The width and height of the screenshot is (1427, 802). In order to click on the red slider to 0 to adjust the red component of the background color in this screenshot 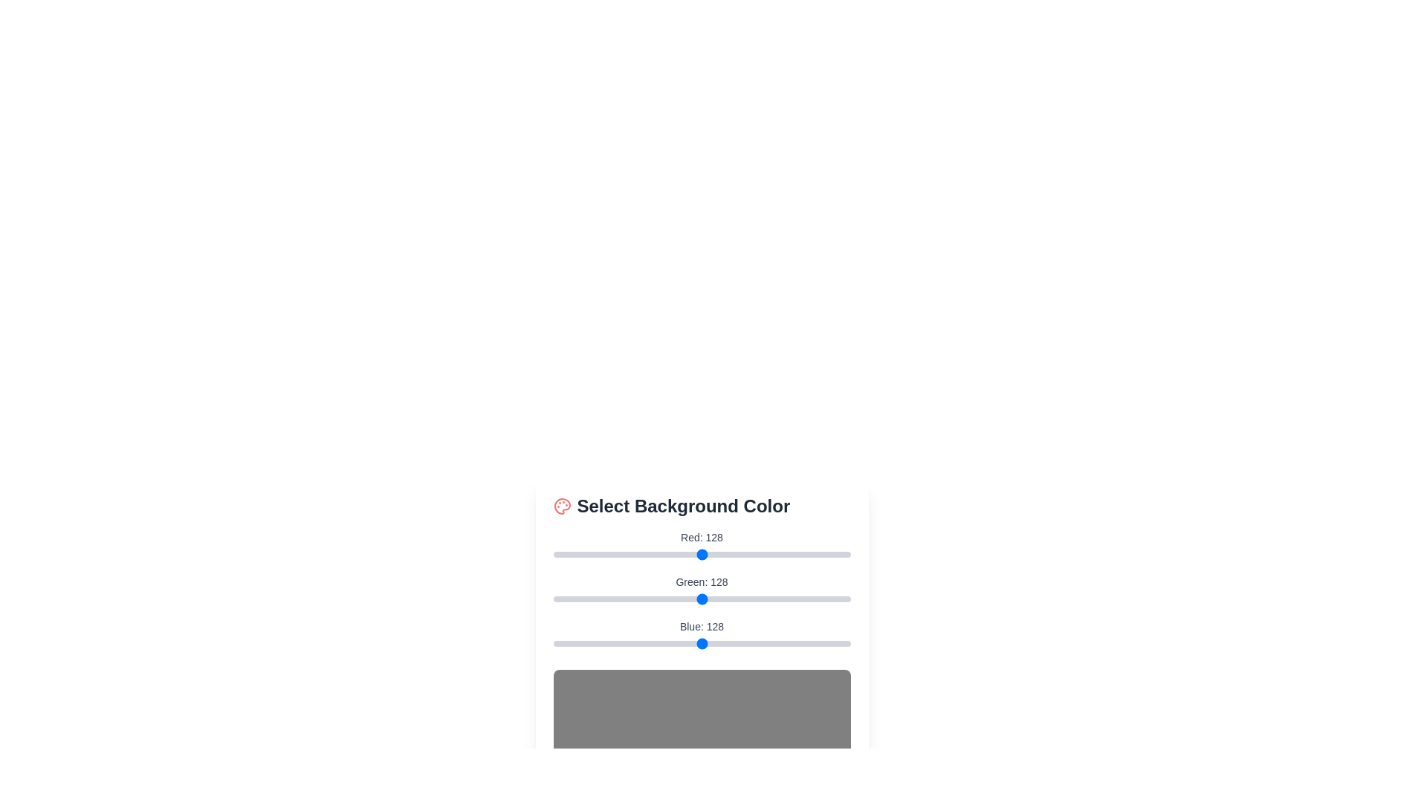, I will do `click(552, 555)`.